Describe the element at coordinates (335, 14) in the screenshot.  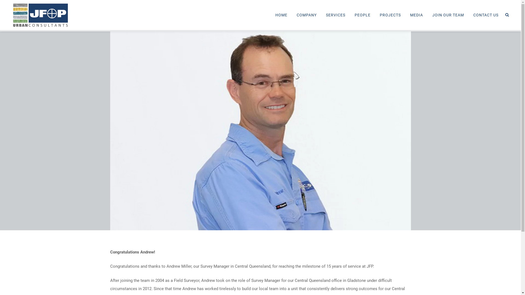
I see `'SERVICES'` at that location.